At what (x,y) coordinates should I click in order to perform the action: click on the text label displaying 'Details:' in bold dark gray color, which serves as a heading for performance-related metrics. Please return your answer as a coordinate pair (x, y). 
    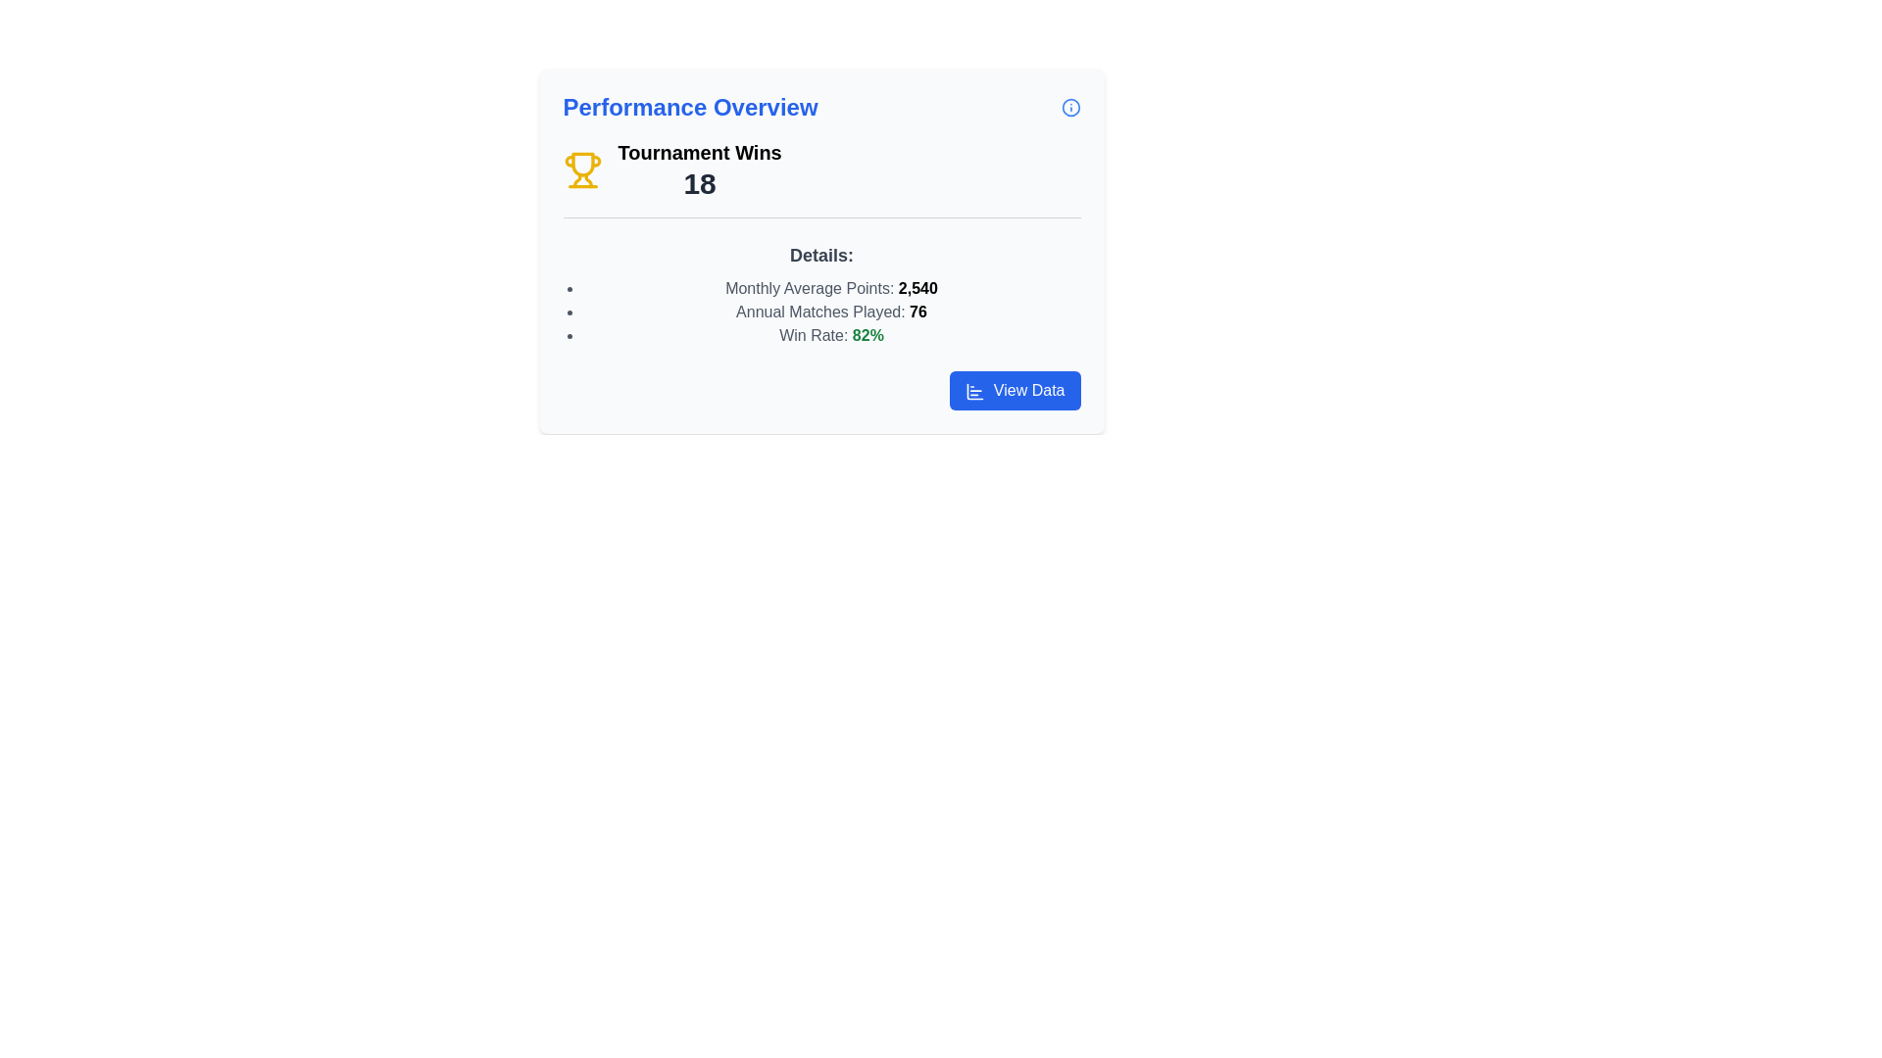
    Looking at the image, I should click on (821, 255).